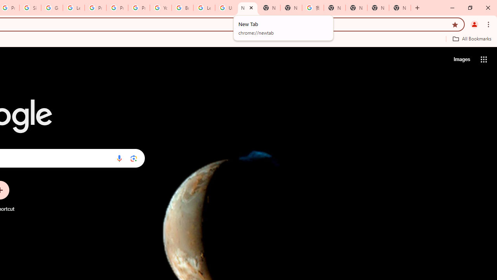 The height and width of the screenshot is (280, 497). I want to click on 'Sign in - Google Accounts', so click(30, 8).